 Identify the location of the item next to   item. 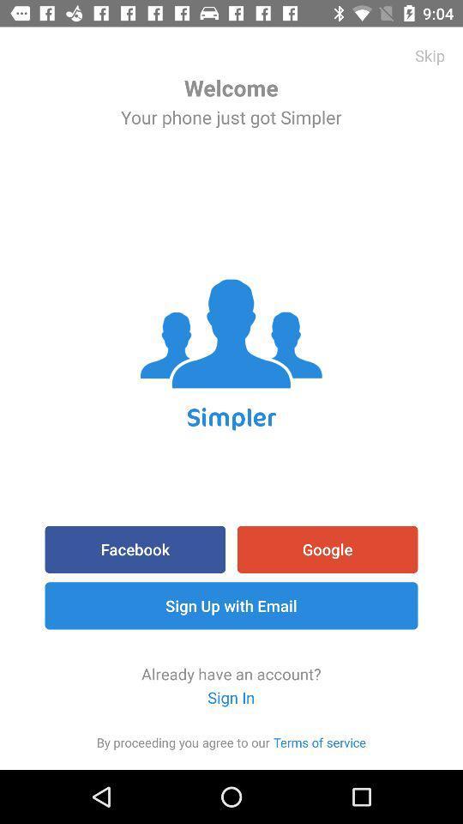
(320, 741).